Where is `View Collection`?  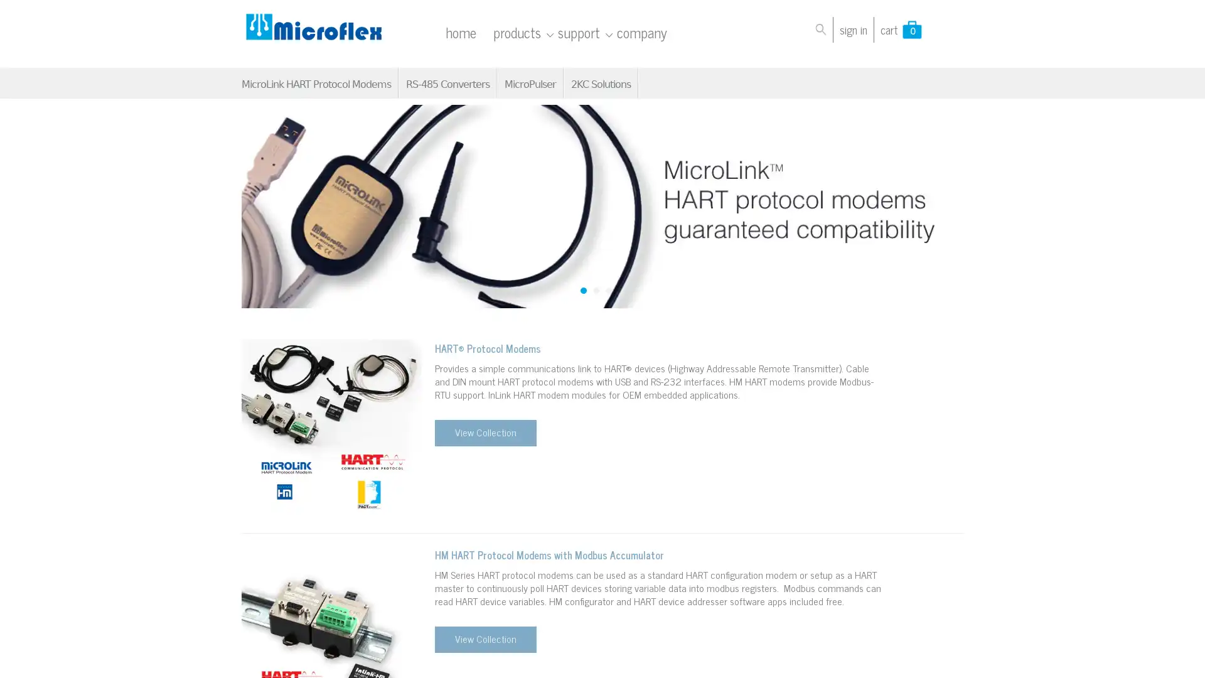
View Collection is located at coordinates (484, 433).